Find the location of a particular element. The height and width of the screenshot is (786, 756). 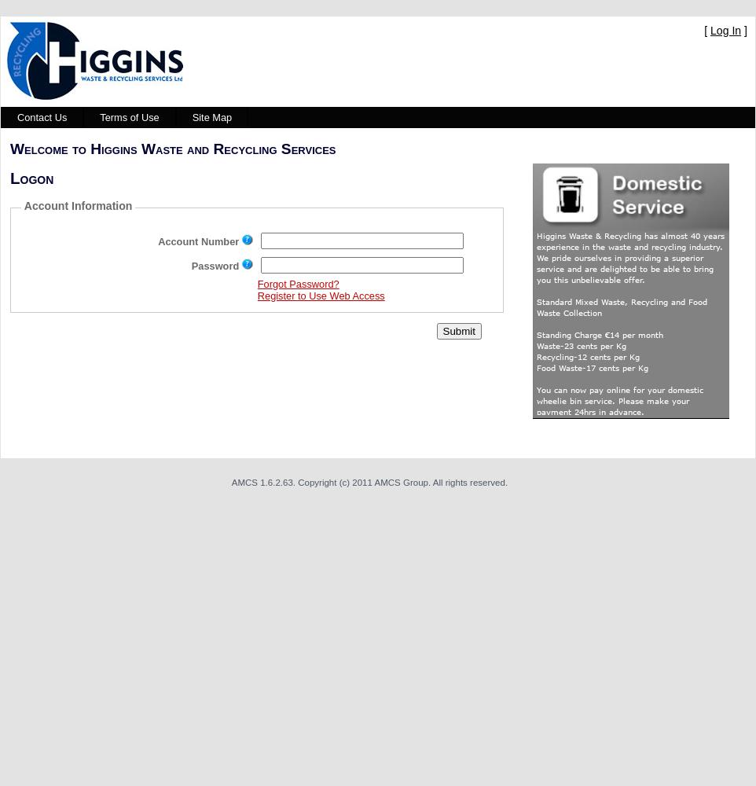

'Terms of Use' is located at coordinates (129, 117).